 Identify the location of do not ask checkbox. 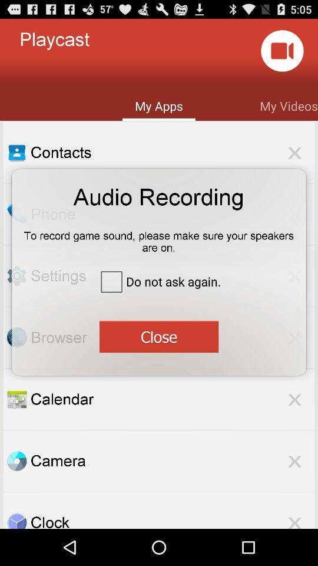
(158, 281).